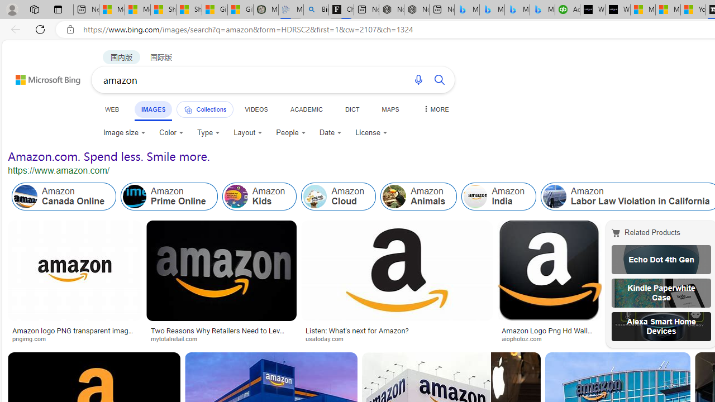  I want to click on 'Amazon Animals', so click(418, 196).